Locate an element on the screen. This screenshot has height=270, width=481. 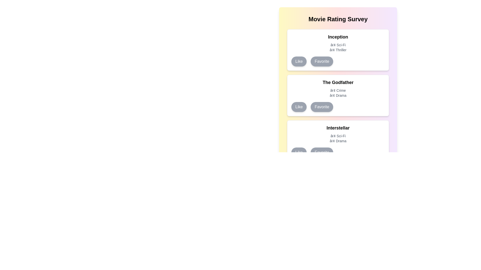
the 'Sci-Fi' genre text label, which is positioned directly under the 'Interstellar' movie title and aligned with the 'â€¢ Drama' label is located at coordinates (338, 136).